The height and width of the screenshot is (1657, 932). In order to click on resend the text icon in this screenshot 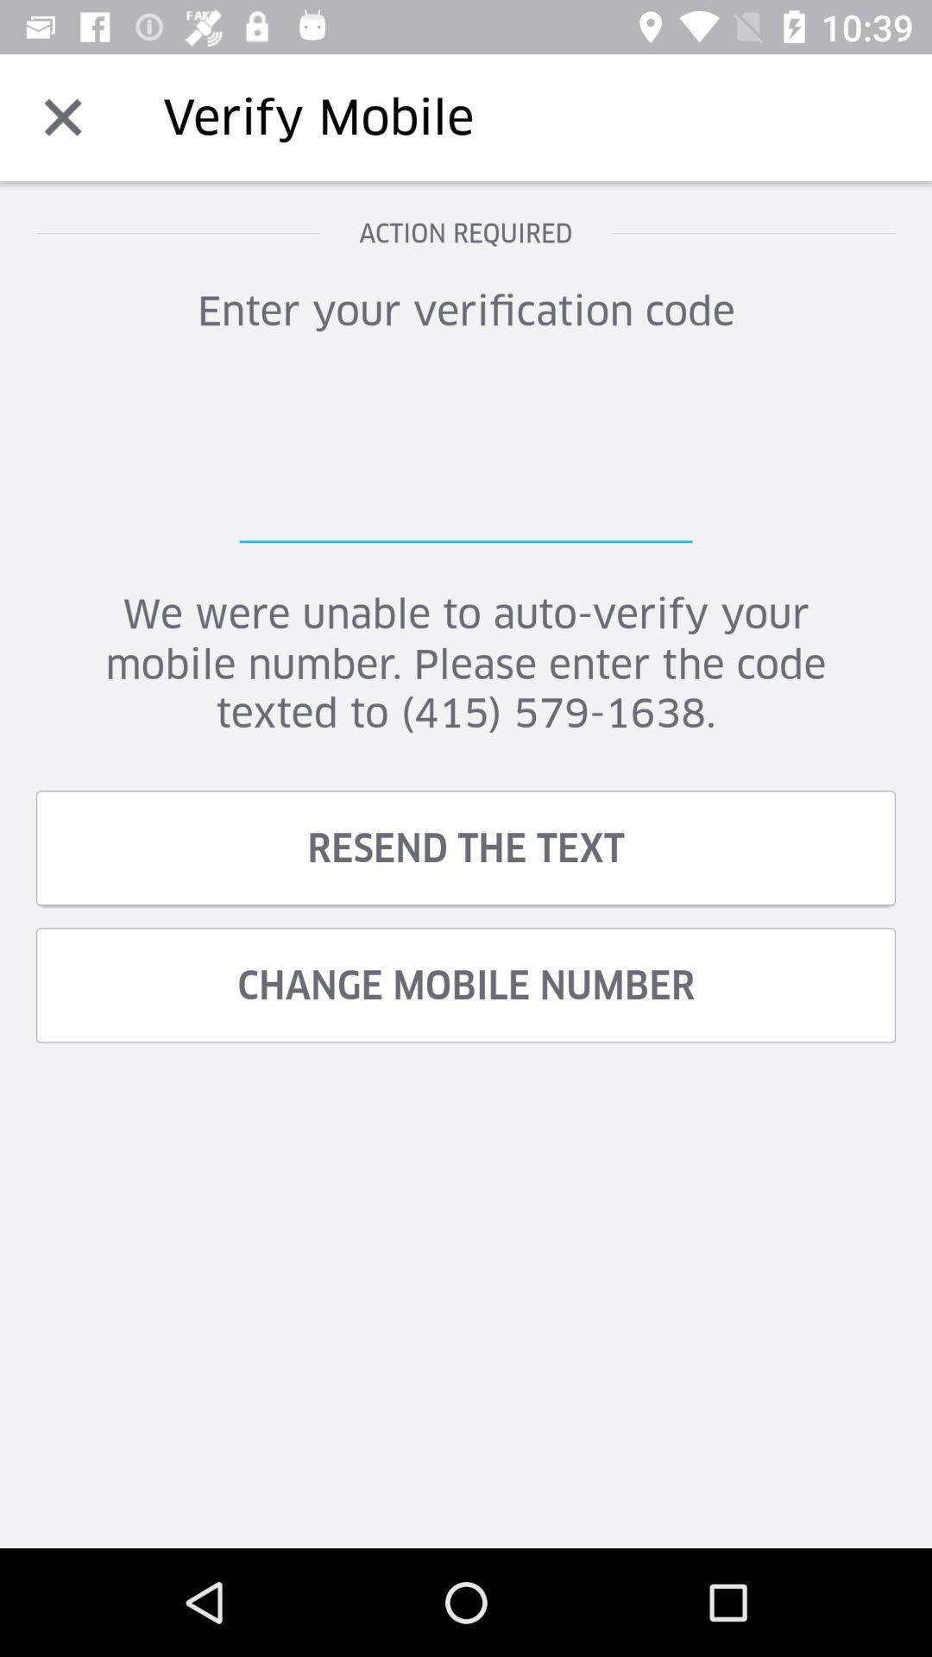, I will do `click(466, 847)`.